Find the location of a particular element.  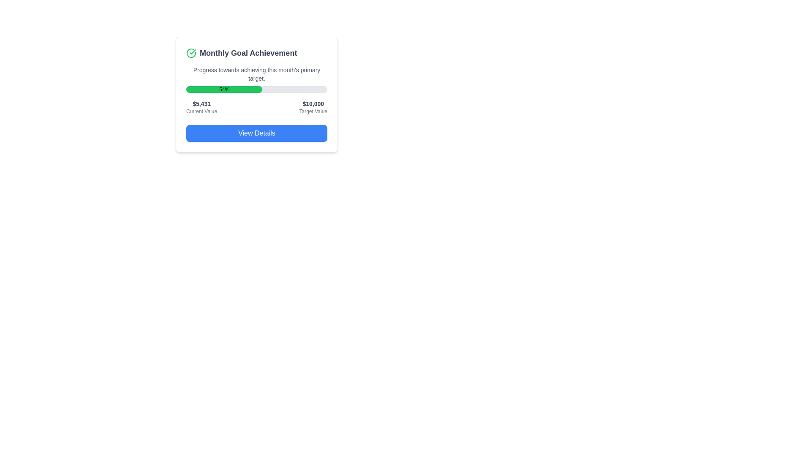

the static text label indicating the target value of '$10,000', which is positioned in the bottom-right corner of the goal achievement panel is located at coordinates (313, 111).